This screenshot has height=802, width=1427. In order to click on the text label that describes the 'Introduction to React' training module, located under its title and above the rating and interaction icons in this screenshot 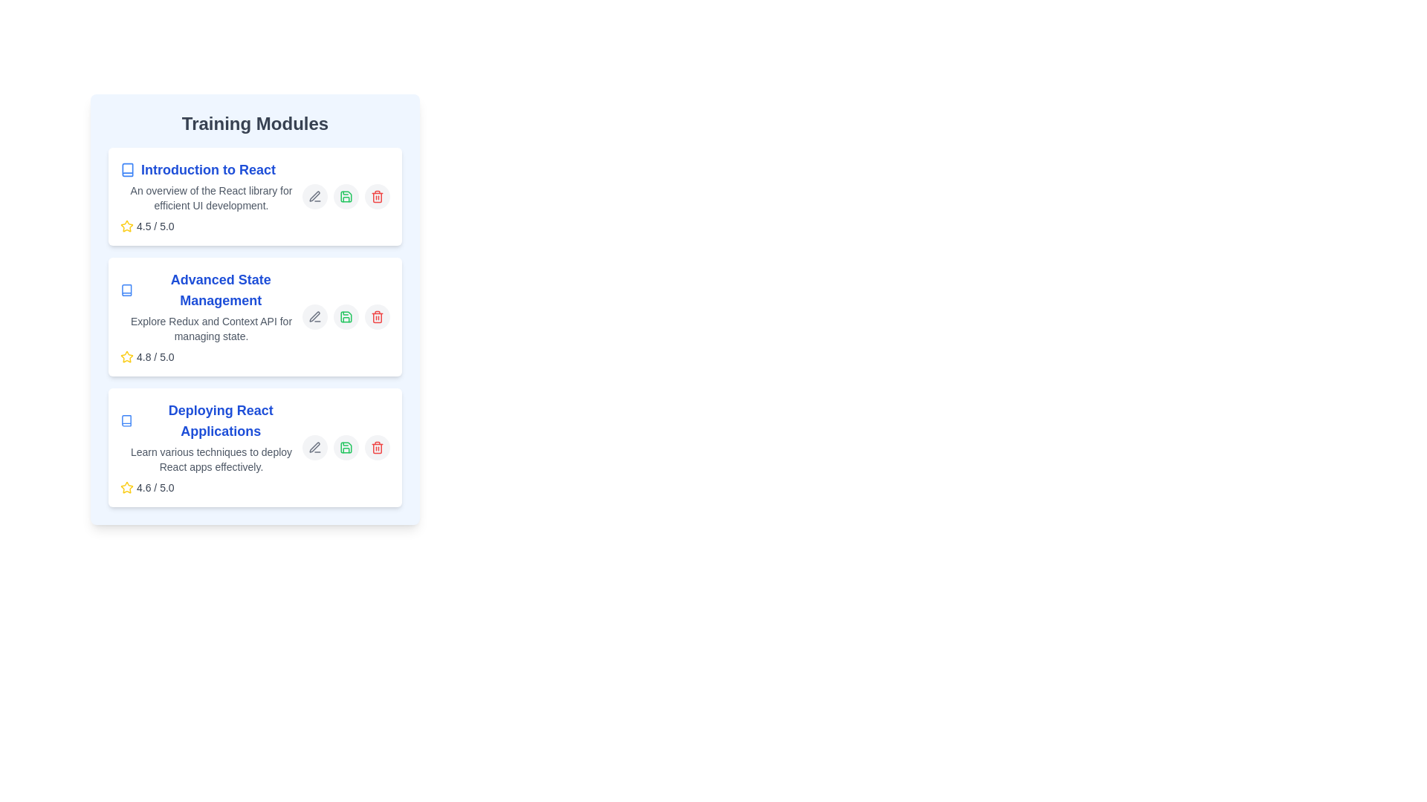, I will do `click(210, 197)`.